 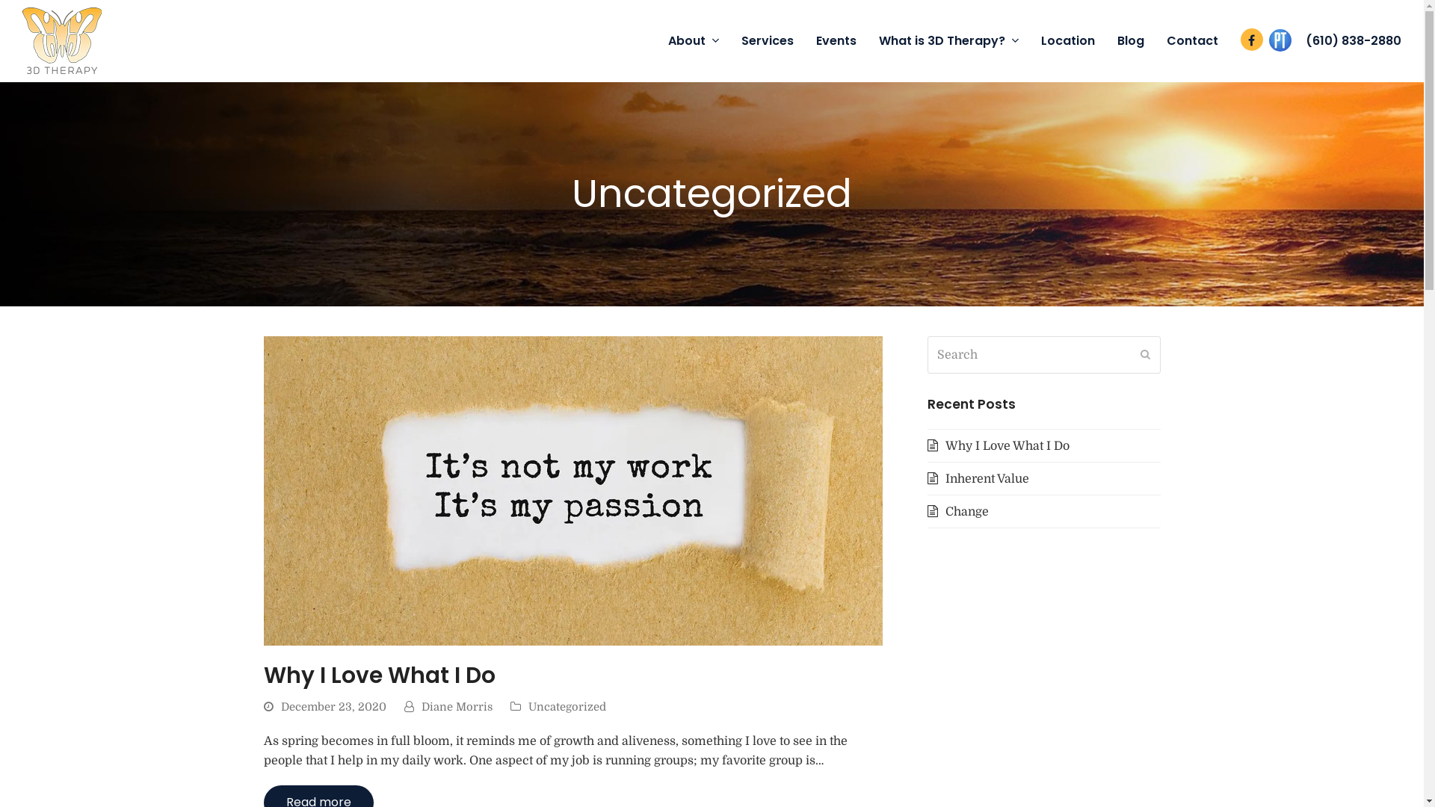 What do you see at coordinates (978, 478) in the screenshot?
I see `'Inherent Value'` at bounding box center [978, 478].